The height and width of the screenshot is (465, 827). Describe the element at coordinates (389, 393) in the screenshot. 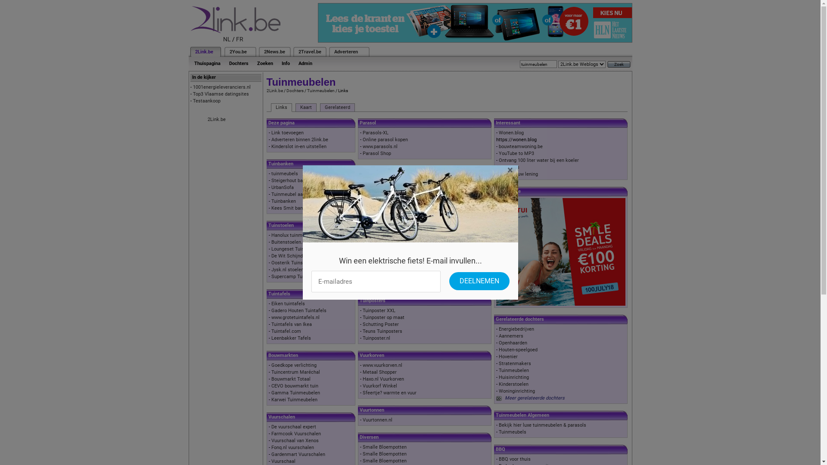

I see `'Sfeertje? warmte en vuur'` at that location.